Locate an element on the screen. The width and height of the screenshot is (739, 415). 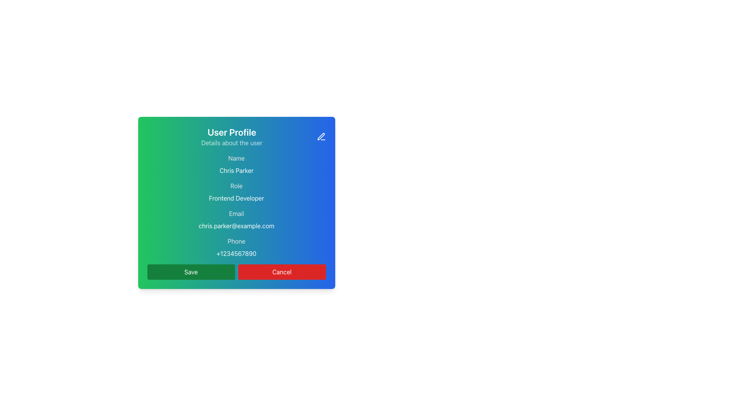
the 'Email' label, which is a light gray textual label centered in the 'User Profile' card, positioned above the email address is located at coordinates (236, 213).